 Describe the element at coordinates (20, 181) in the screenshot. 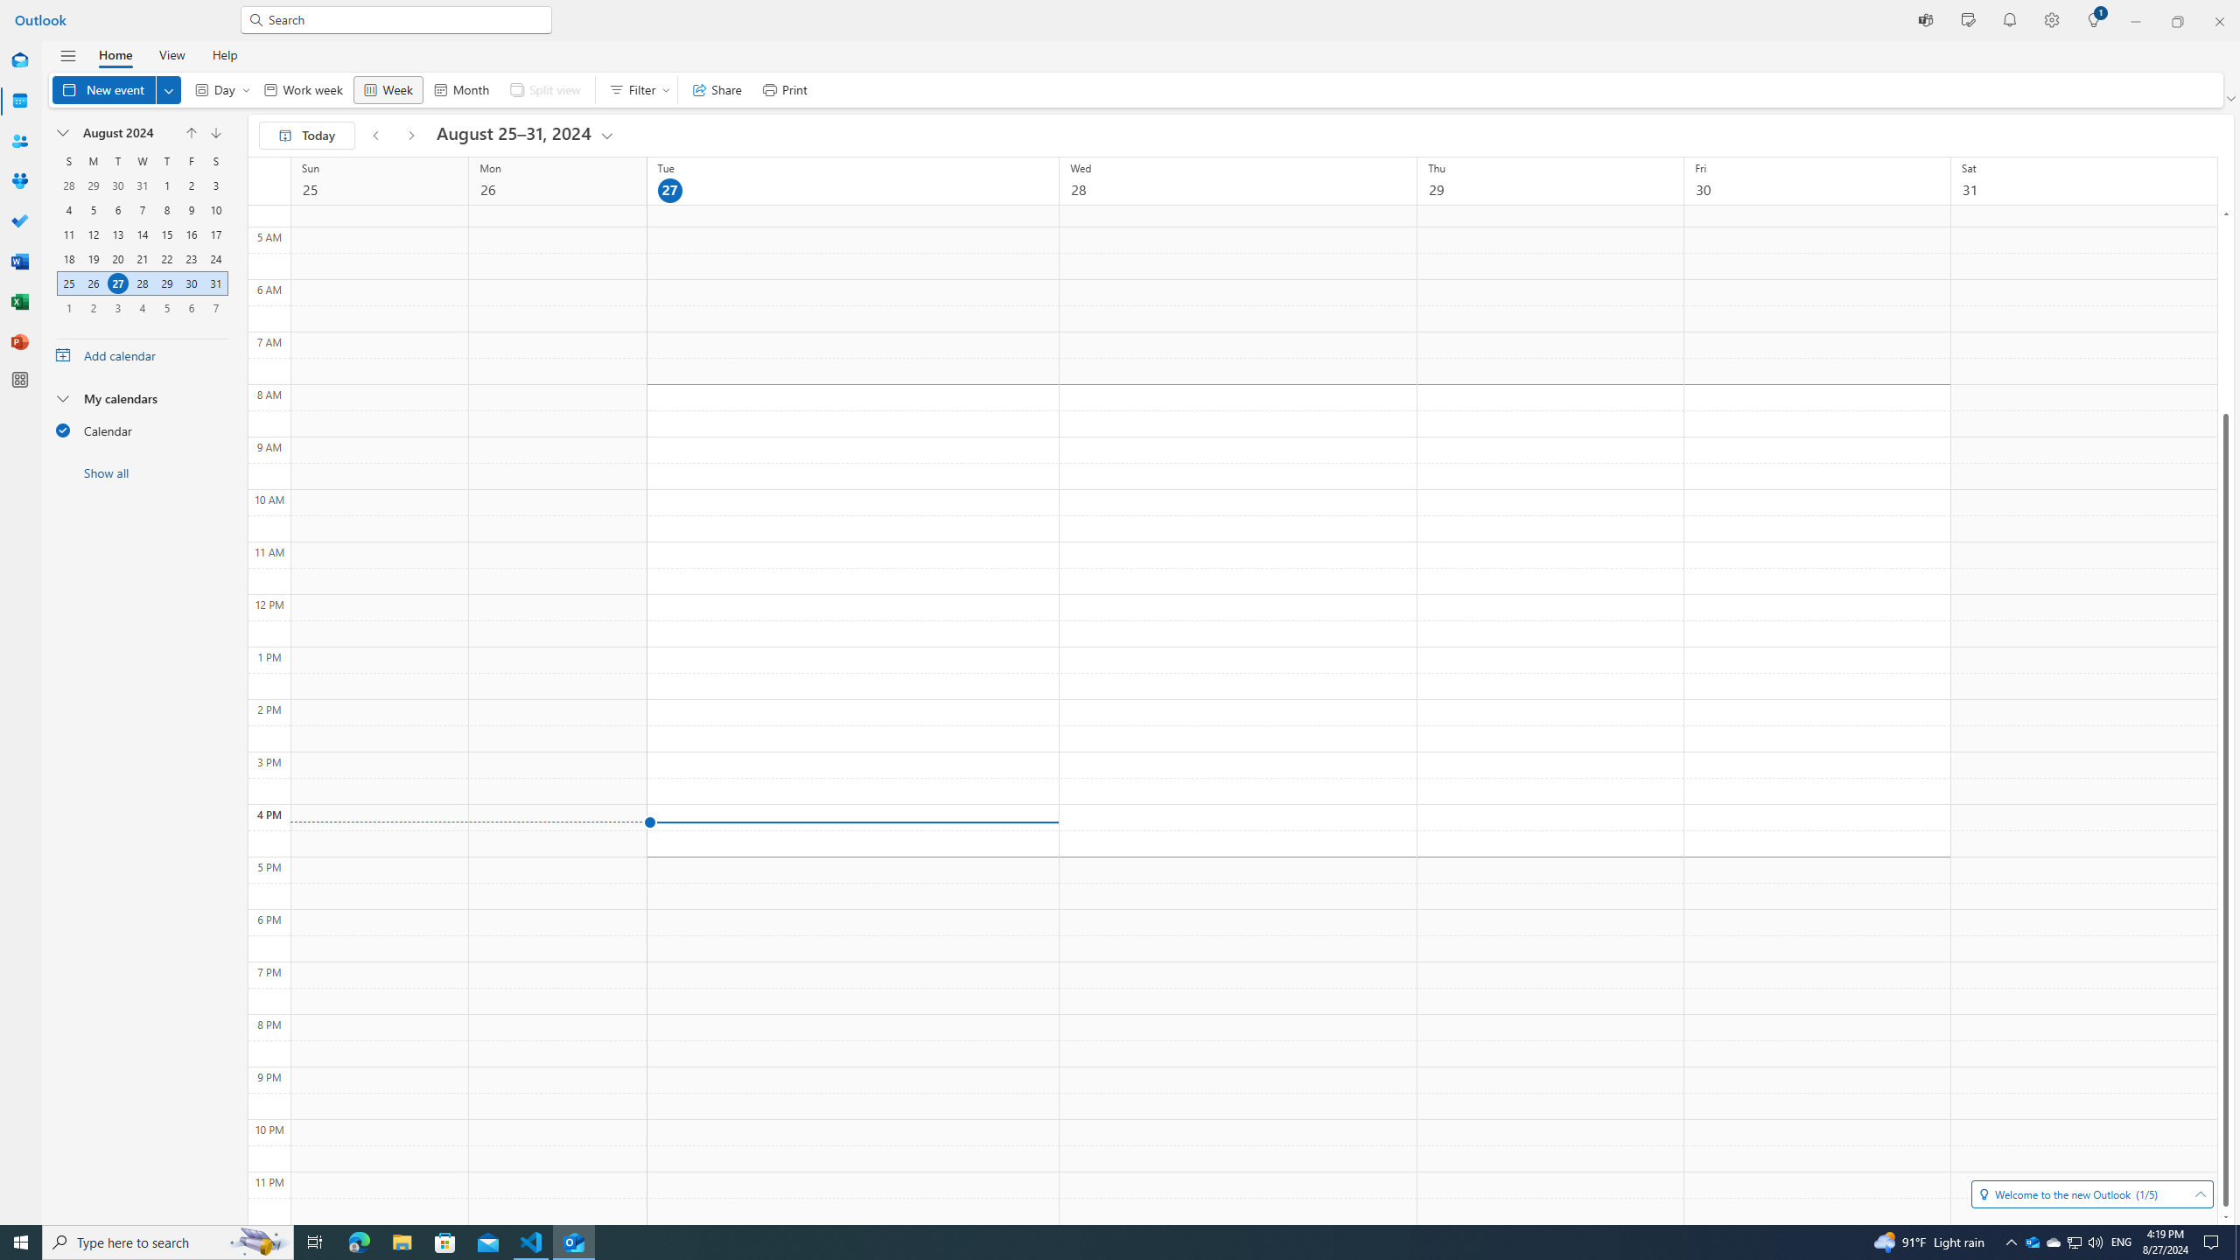

I see `'Groups'` at that location.